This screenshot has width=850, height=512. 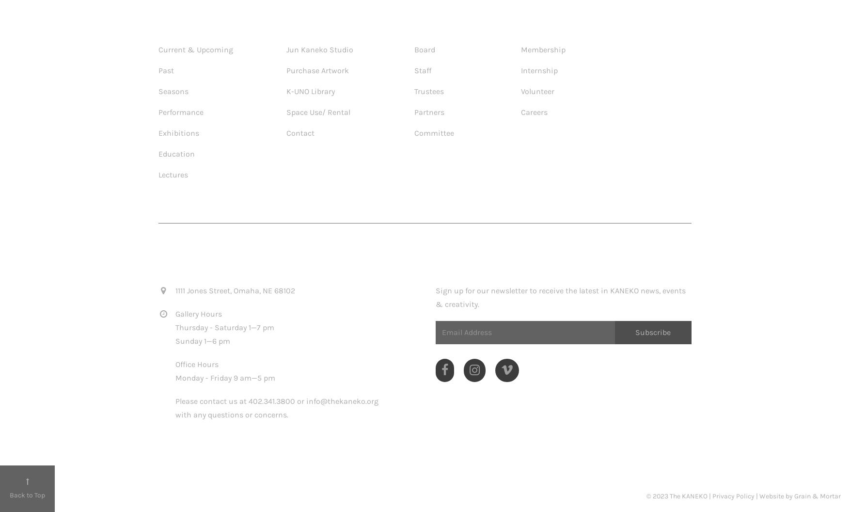 What do you see at coordinates (181, 111) in the screenshot?
I see `'Performance'` at bounding box center [181, 111].